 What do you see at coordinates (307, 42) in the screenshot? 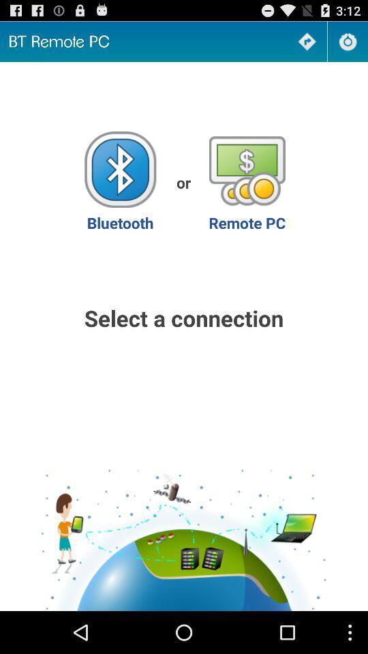
I see `go next page` at bounding box center [307, 42].